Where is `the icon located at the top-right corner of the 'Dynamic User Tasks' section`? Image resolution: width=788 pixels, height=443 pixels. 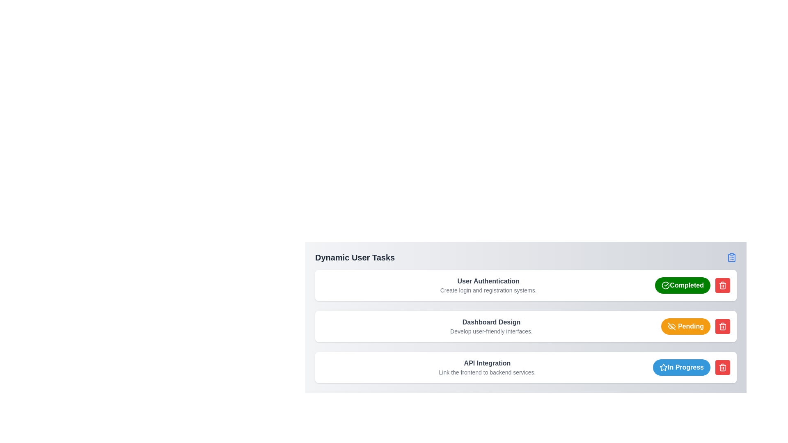
the icon located at the top-right corner of the 'Dynamic User Tasks' section is located at coordinates (731, 257).